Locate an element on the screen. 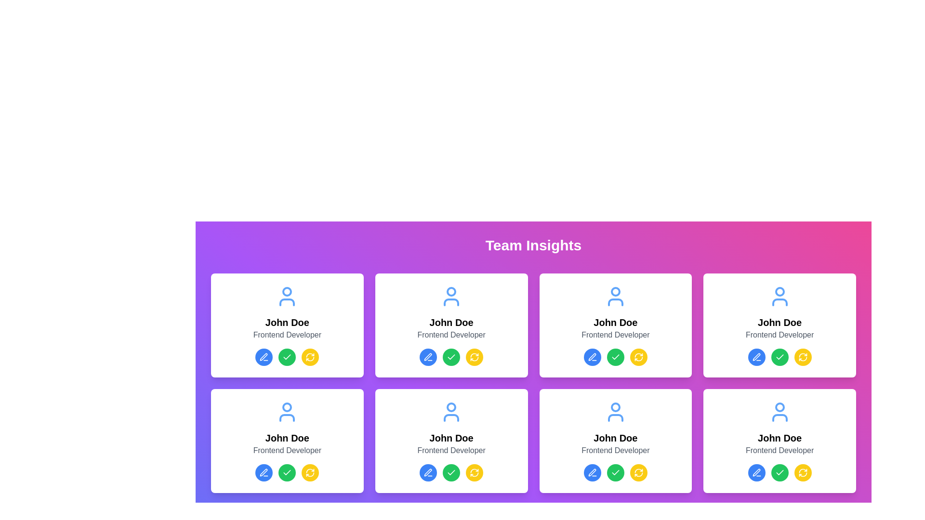 The width and height of the screenshot is (925, 520). the refresh icon located in the bottom right corner of the card elements is located at coordinates (803, 359).